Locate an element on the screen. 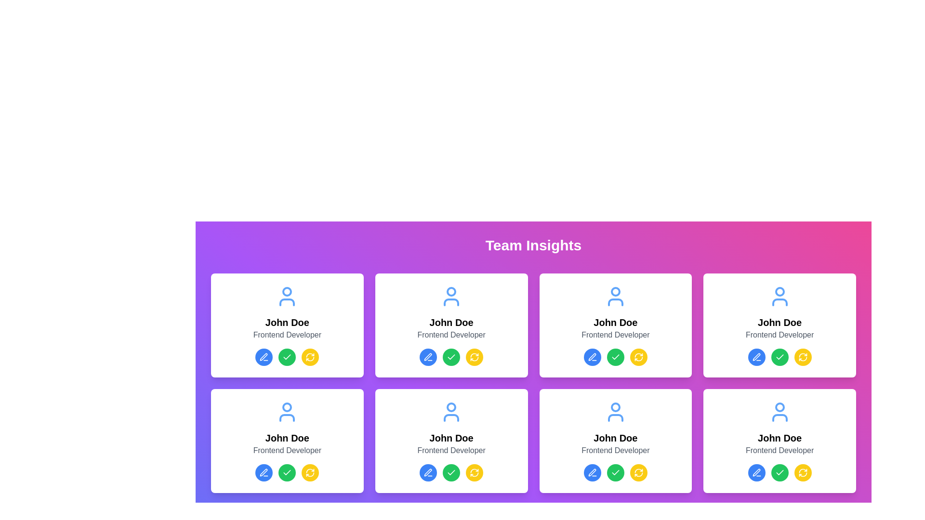 The width and height of the screenshot is (925, 520). the refresh icon located in the bottom right corner of the card elements is located at coordinates (803, 359).